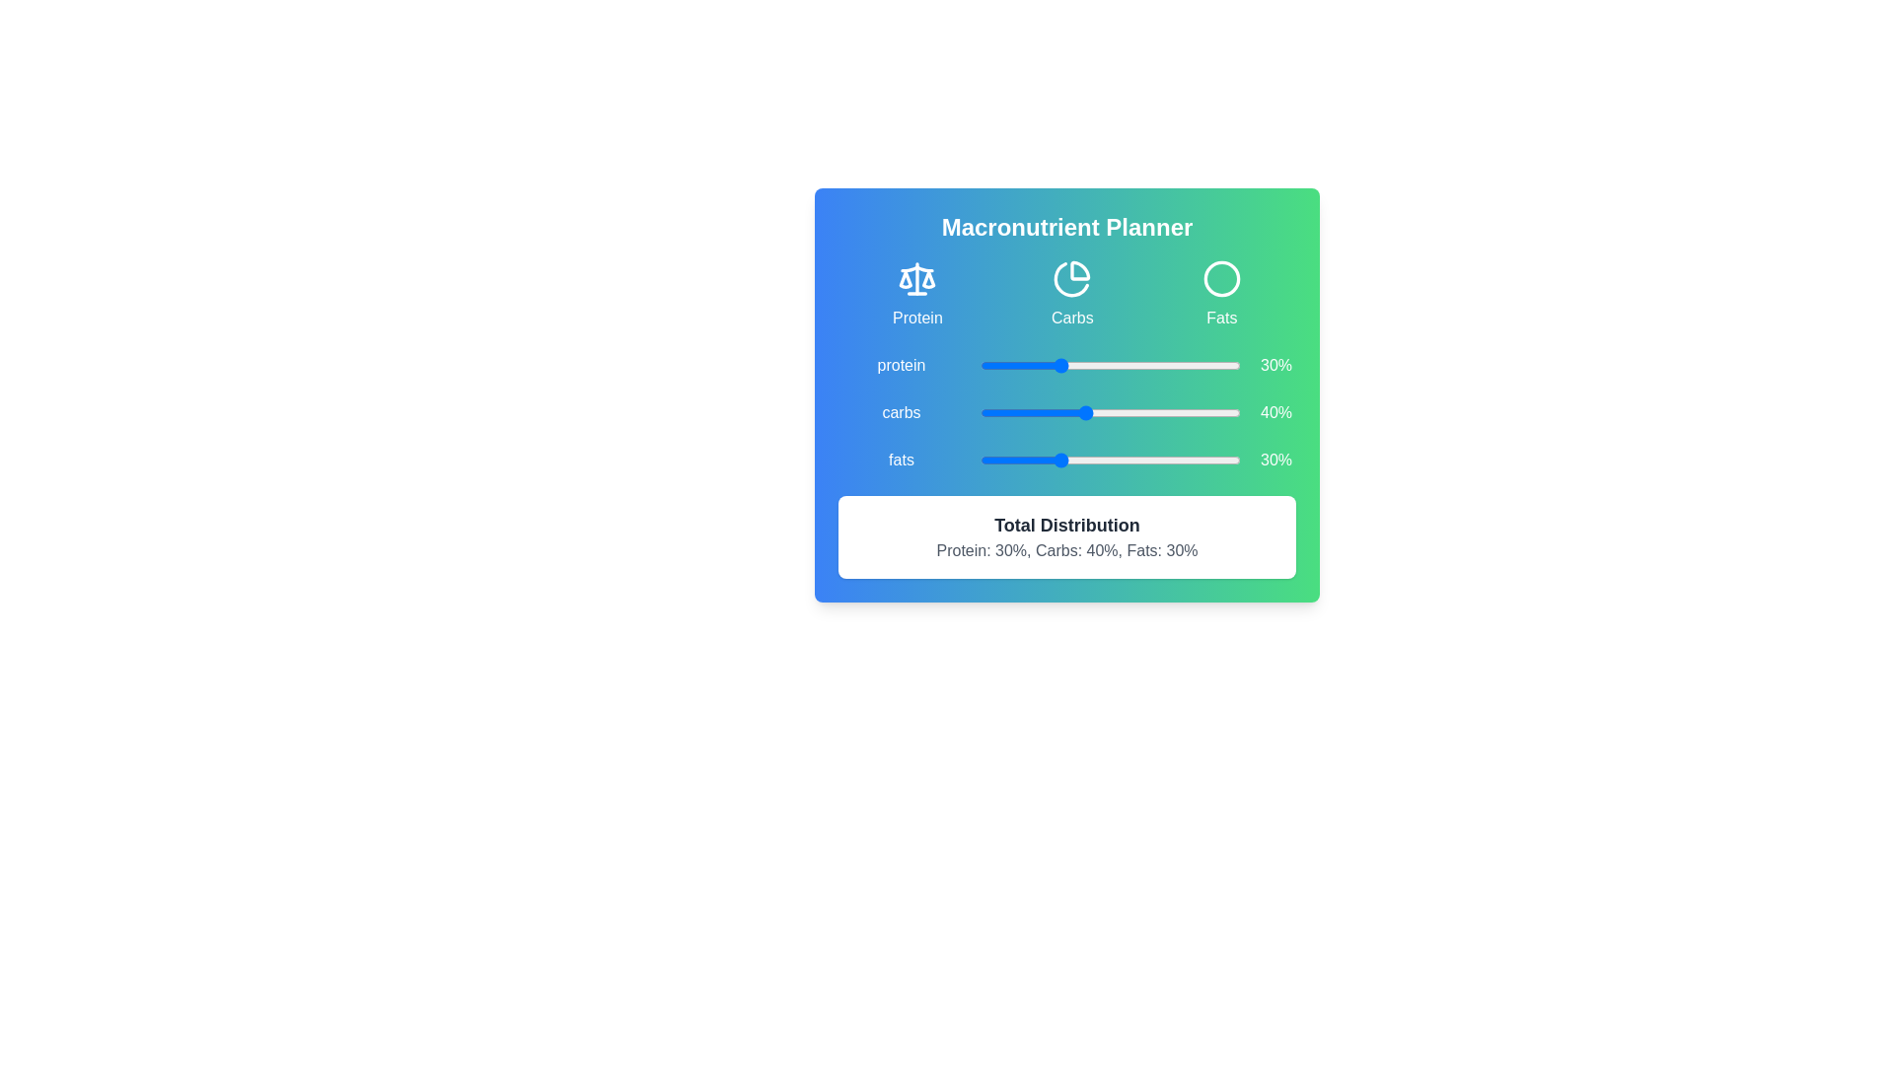 The image size is (1894, 1065). I want to click on the fats percentage, so click(1022, 460).